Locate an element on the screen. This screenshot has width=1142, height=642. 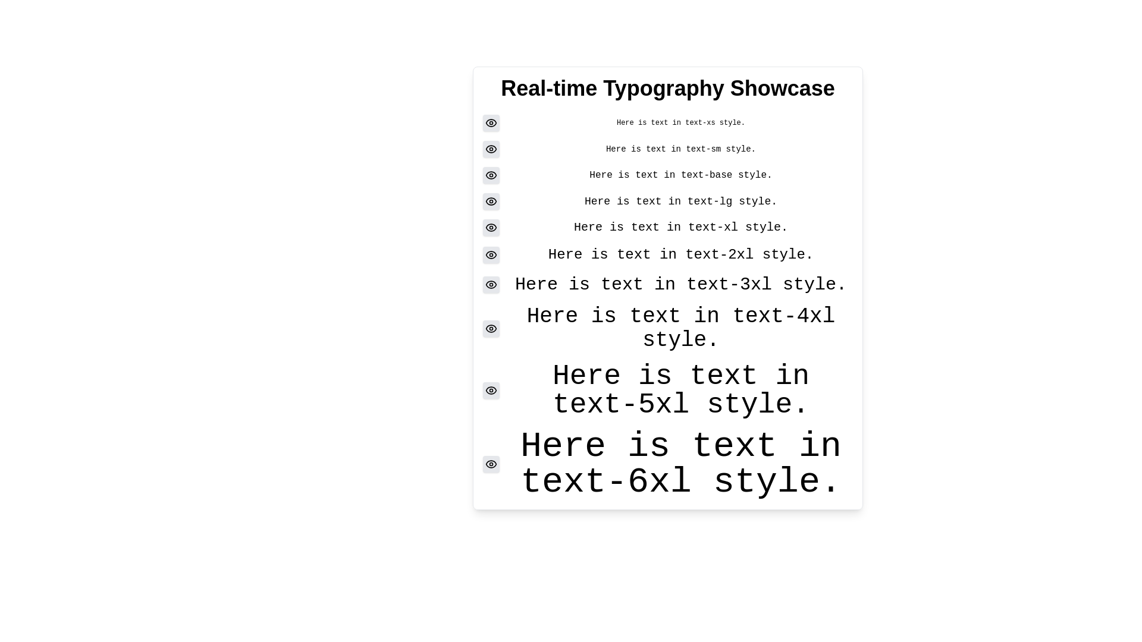
the small, square button with rounded corners and a black eye icon is located at coordinates (491, 148).